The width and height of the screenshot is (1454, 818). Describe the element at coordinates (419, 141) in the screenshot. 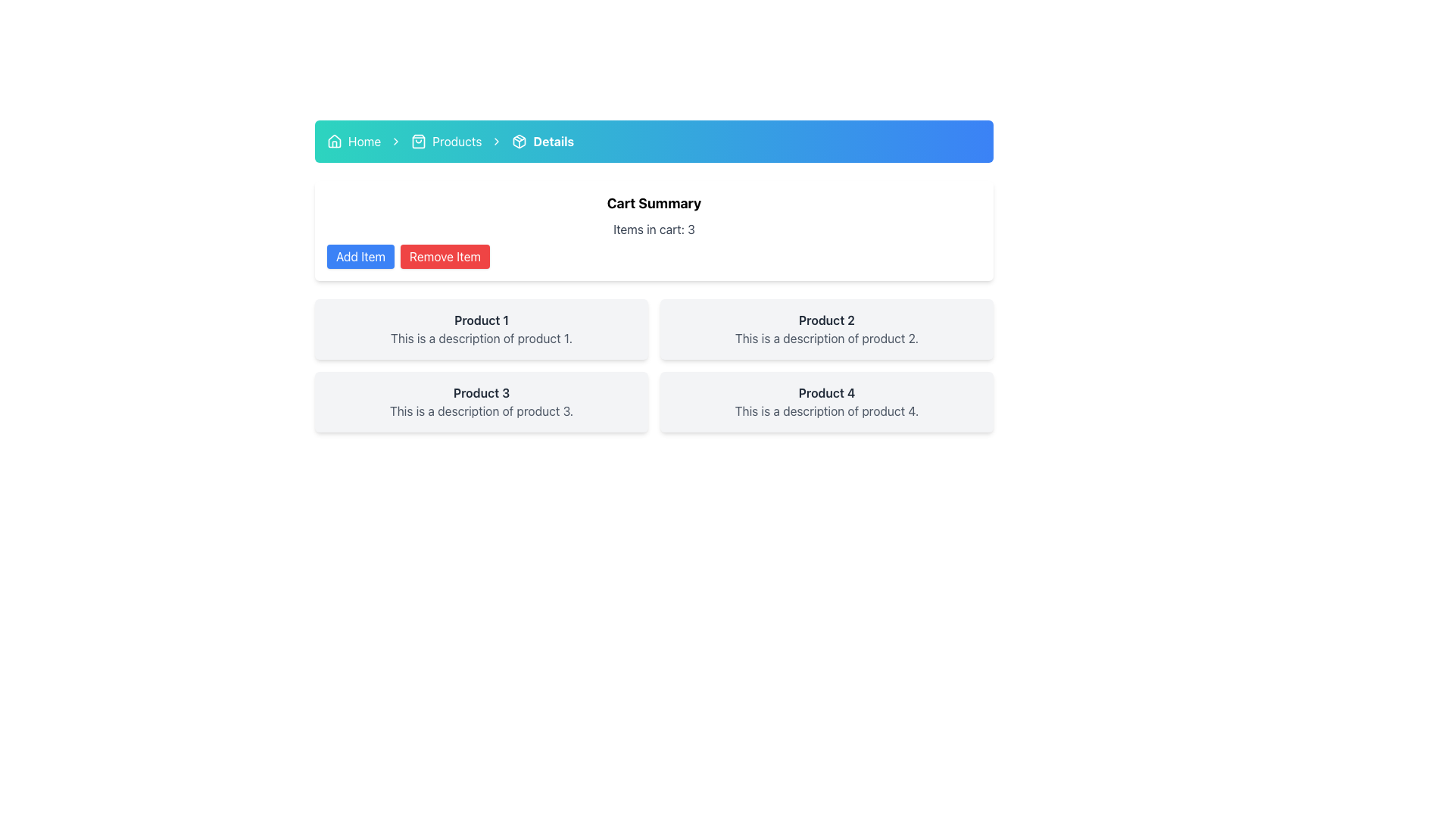

I see `the shopping bag icon in the breadcrumb navigation bar representing the 'Products' step` at that location.